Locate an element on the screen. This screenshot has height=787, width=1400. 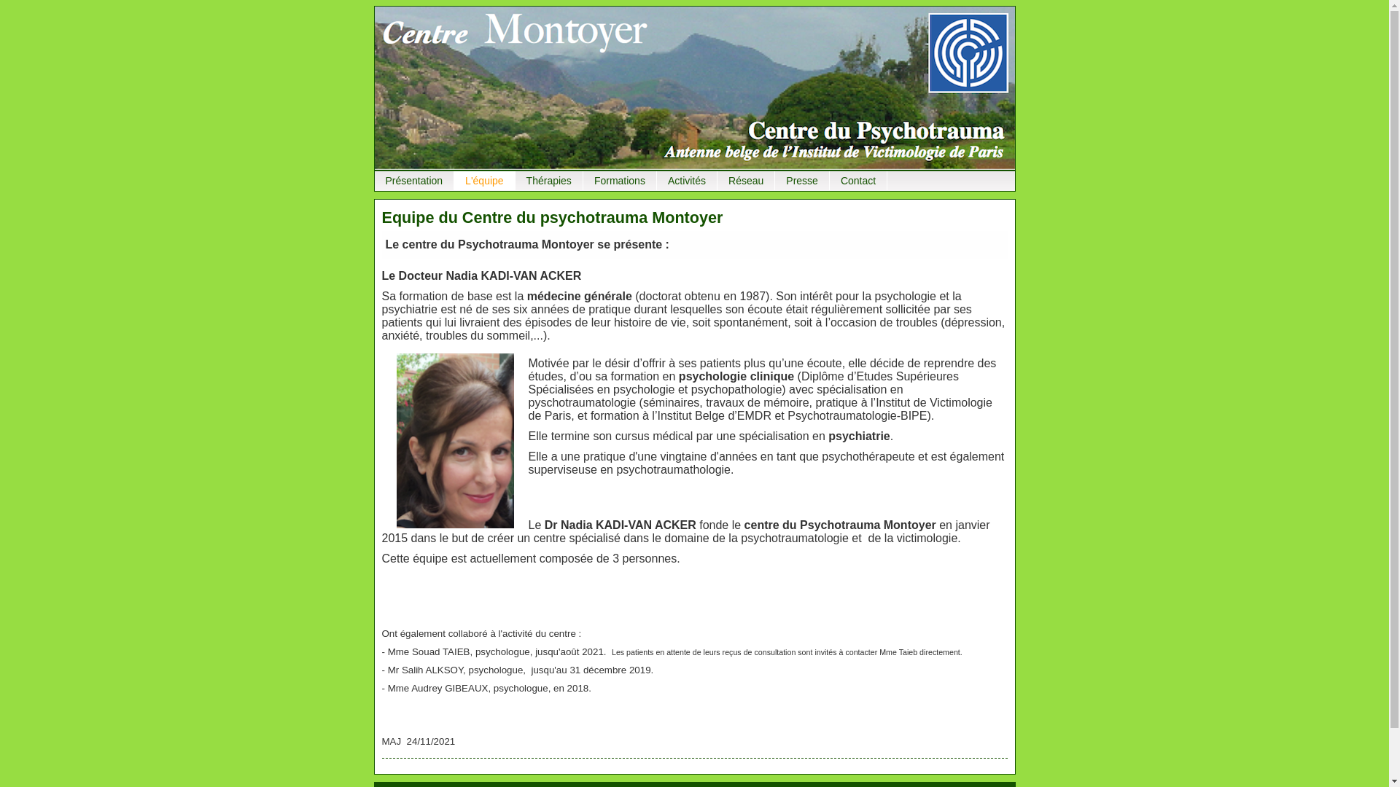
'Presse' is located at coordinates (801, 179).